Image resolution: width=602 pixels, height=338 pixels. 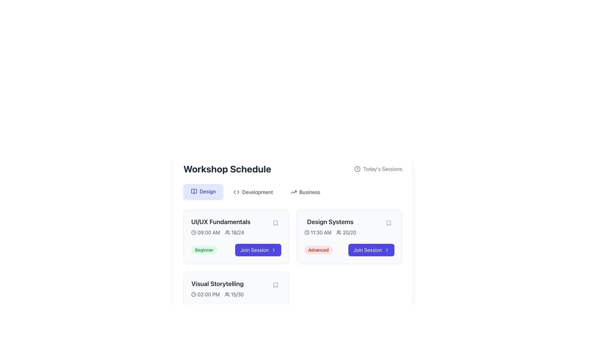 I want to click on the 'Design' category icon located in the upper section of the workshop schedule interface, near the 'Design' label to interact with its associated function, so click(x=194, y=191).